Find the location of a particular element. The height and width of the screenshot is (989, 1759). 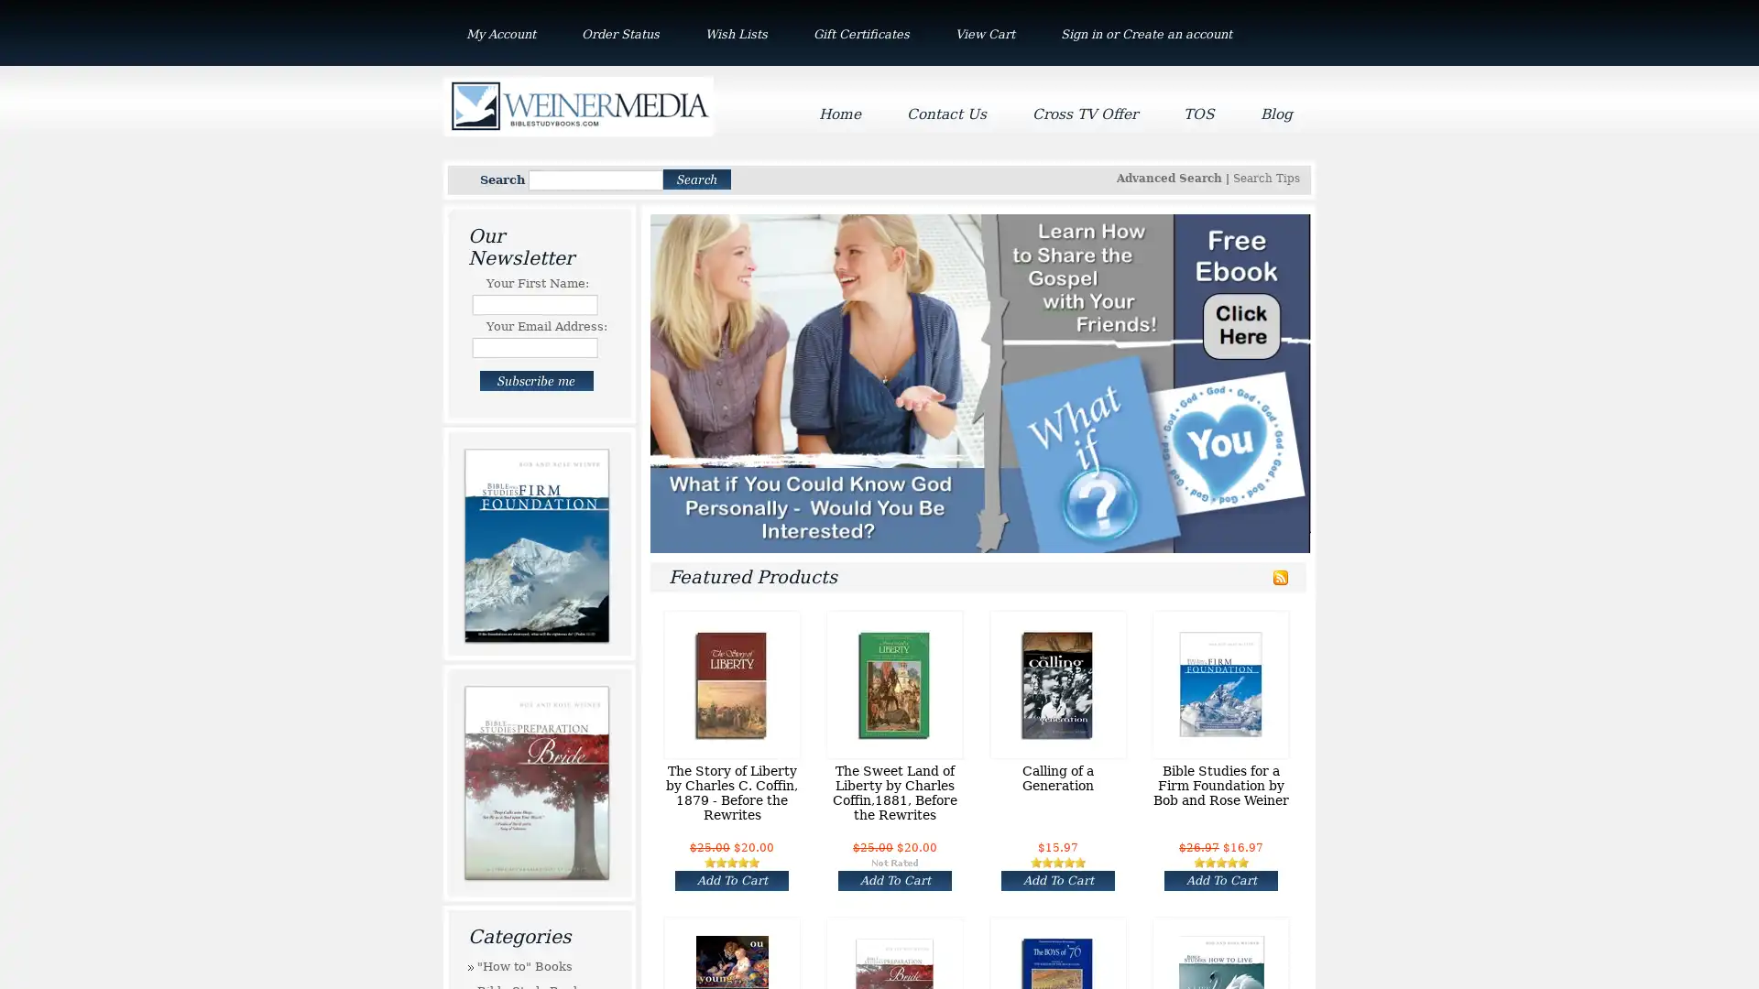

Submit is located at coordinates (696, 179).